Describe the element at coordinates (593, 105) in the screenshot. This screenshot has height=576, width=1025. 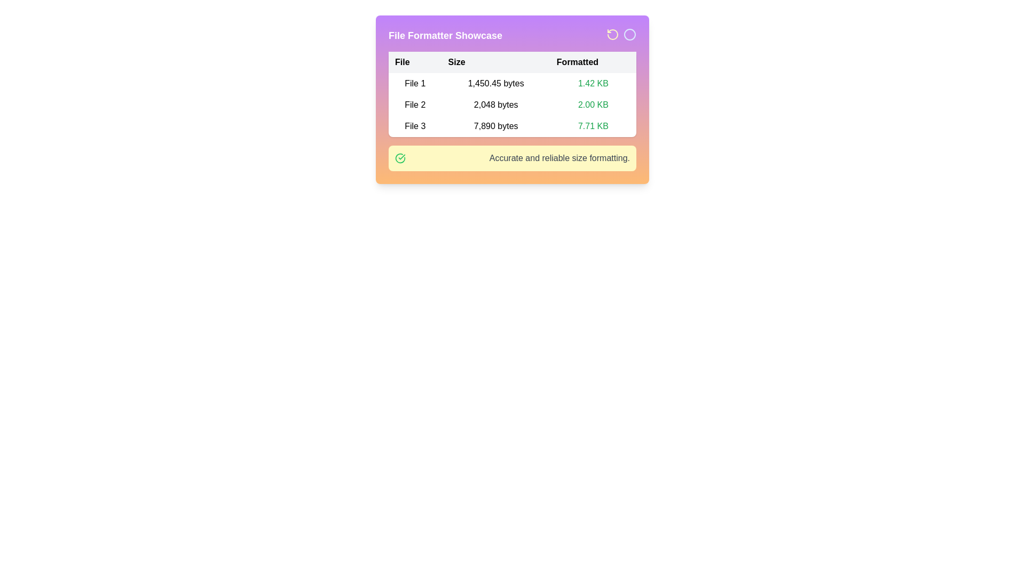
I see `text content of the Text Label displaying '2.00 KB' in the green font, which is located in the 'Formatted' column of the table row labeled 'File 2'` at that location.